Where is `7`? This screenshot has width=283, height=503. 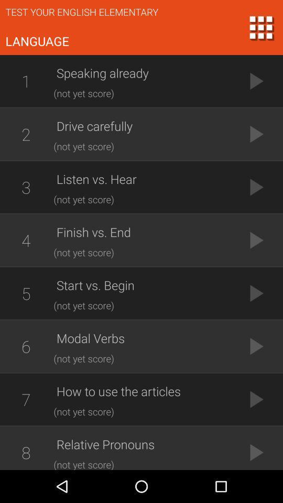
7 is located at coordinates (26, 399).